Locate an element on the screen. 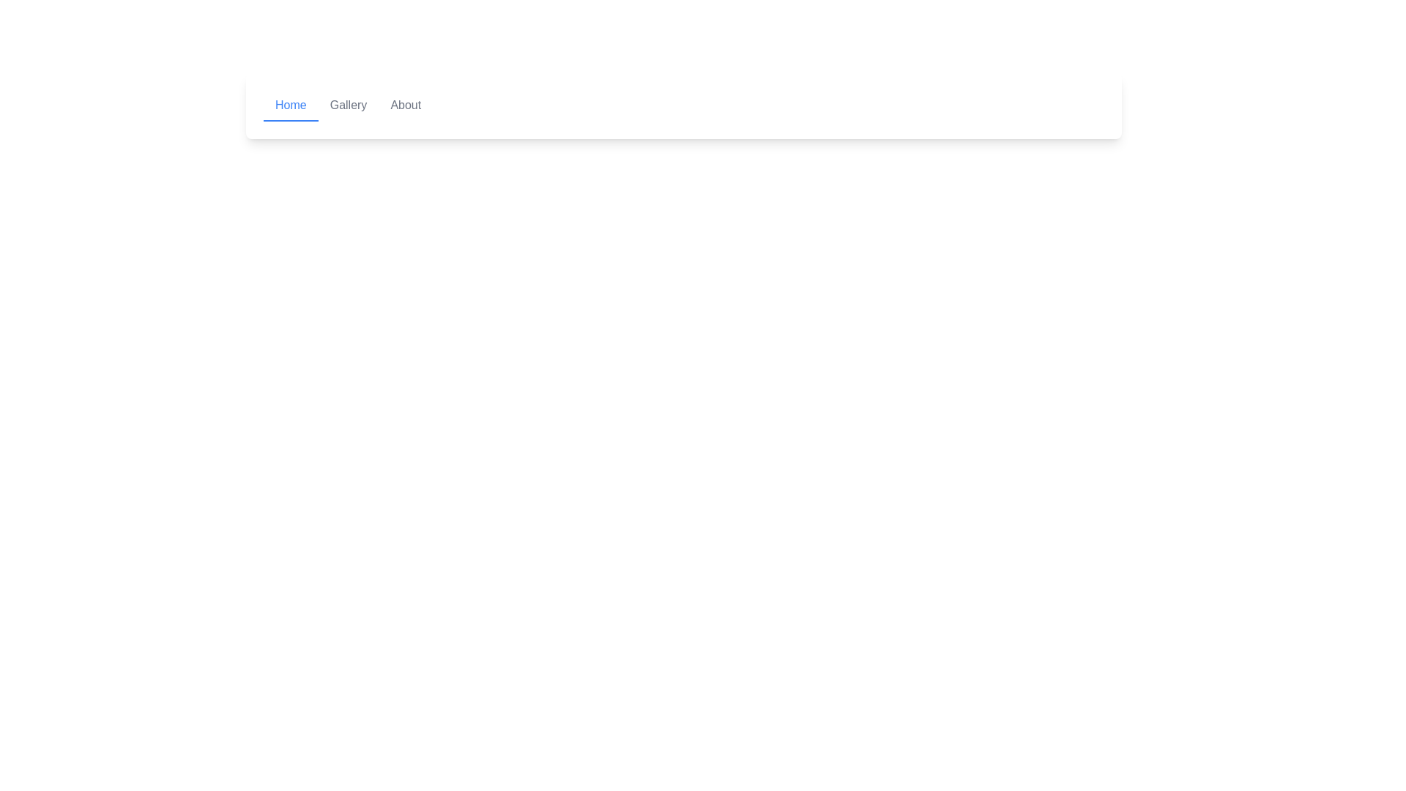 The width and height of the screenshot is (1406, 791). the 'About' text-based link, which is the third item in the horizontal navigation menu, located to the right of the 'Gallery' link is located at coordinates (406, 105).